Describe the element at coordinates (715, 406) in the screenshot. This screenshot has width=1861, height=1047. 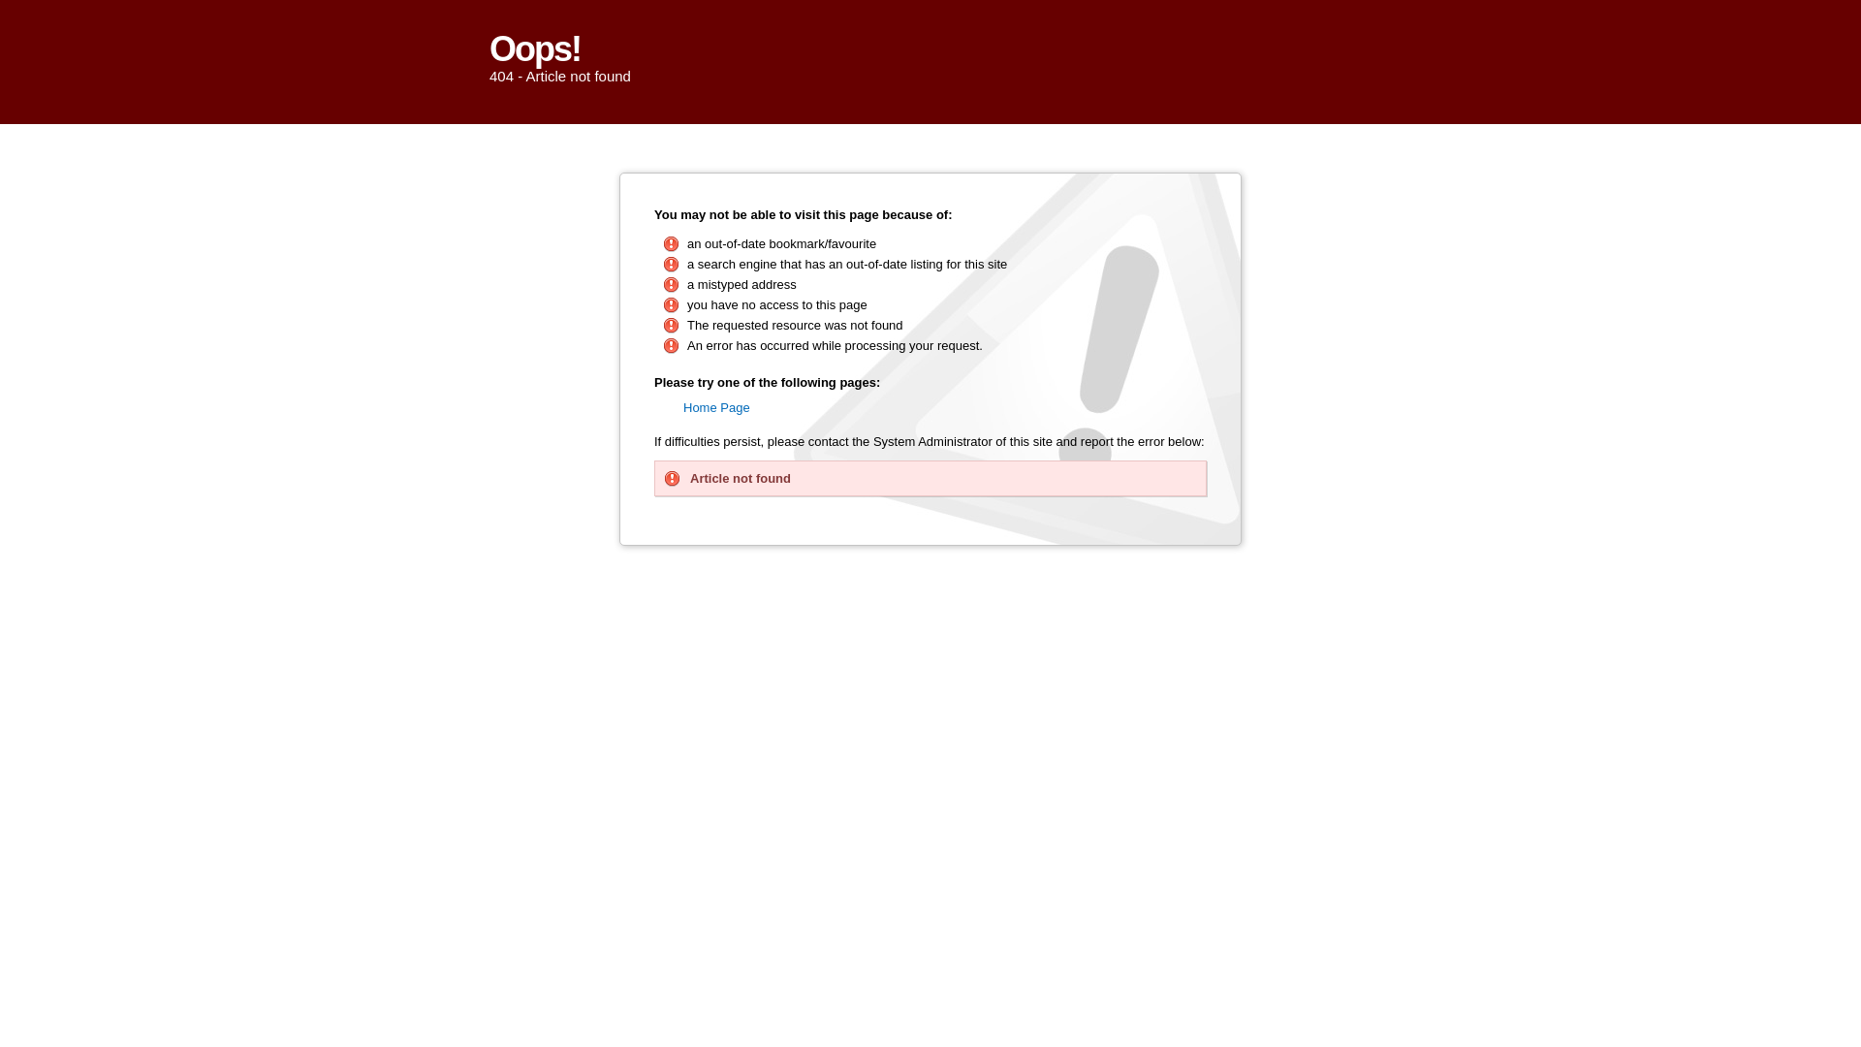
I see `'Home Page'` at that location.